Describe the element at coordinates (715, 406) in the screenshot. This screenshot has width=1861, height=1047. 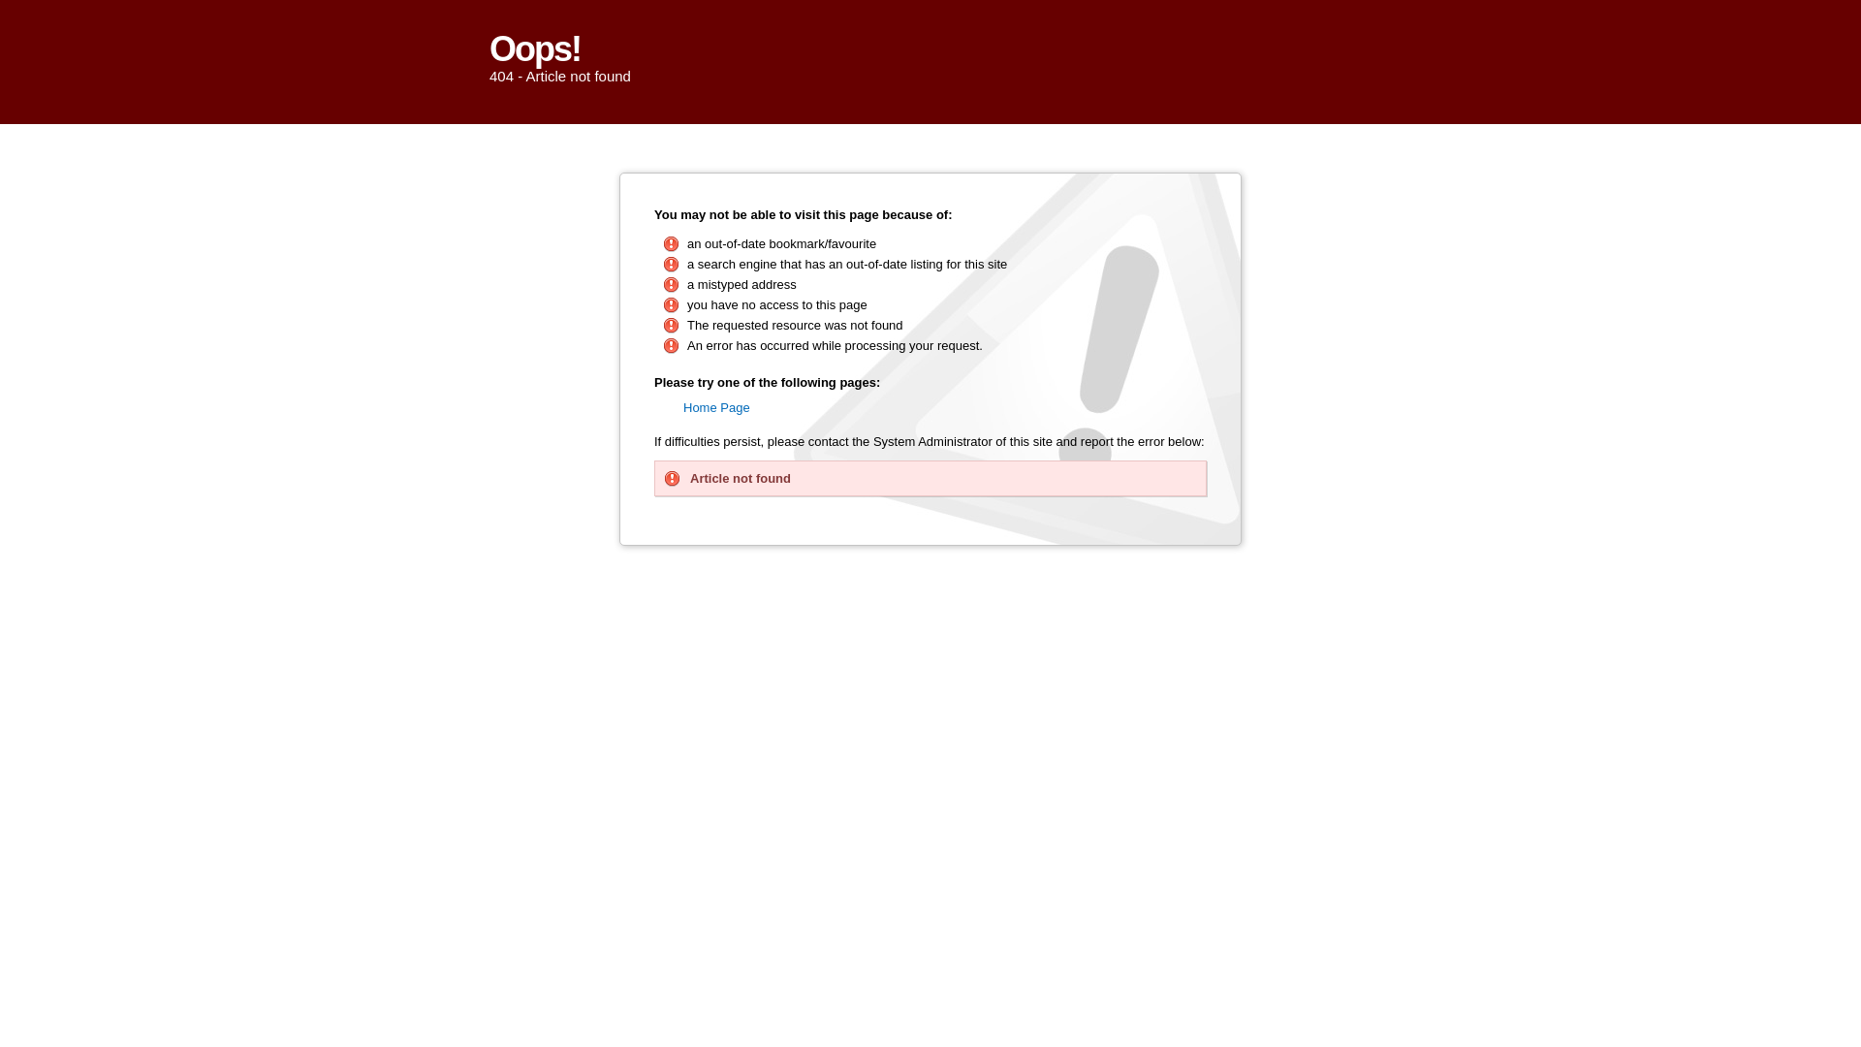
I see `'Home Page'` at that location.